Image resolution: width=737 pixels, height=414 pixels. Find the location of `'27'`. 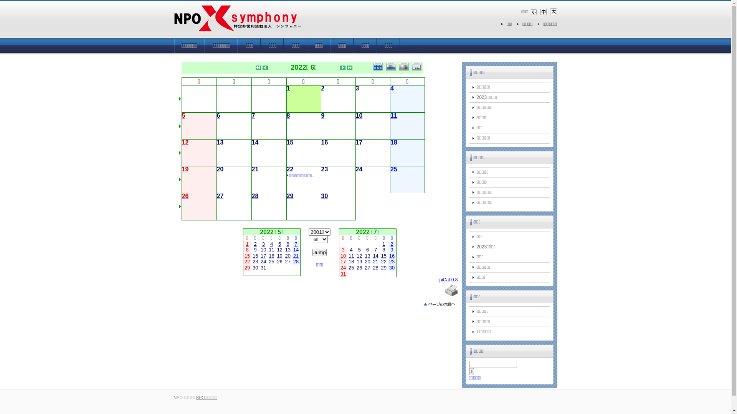

'27' is located at coordinates (287, 261).